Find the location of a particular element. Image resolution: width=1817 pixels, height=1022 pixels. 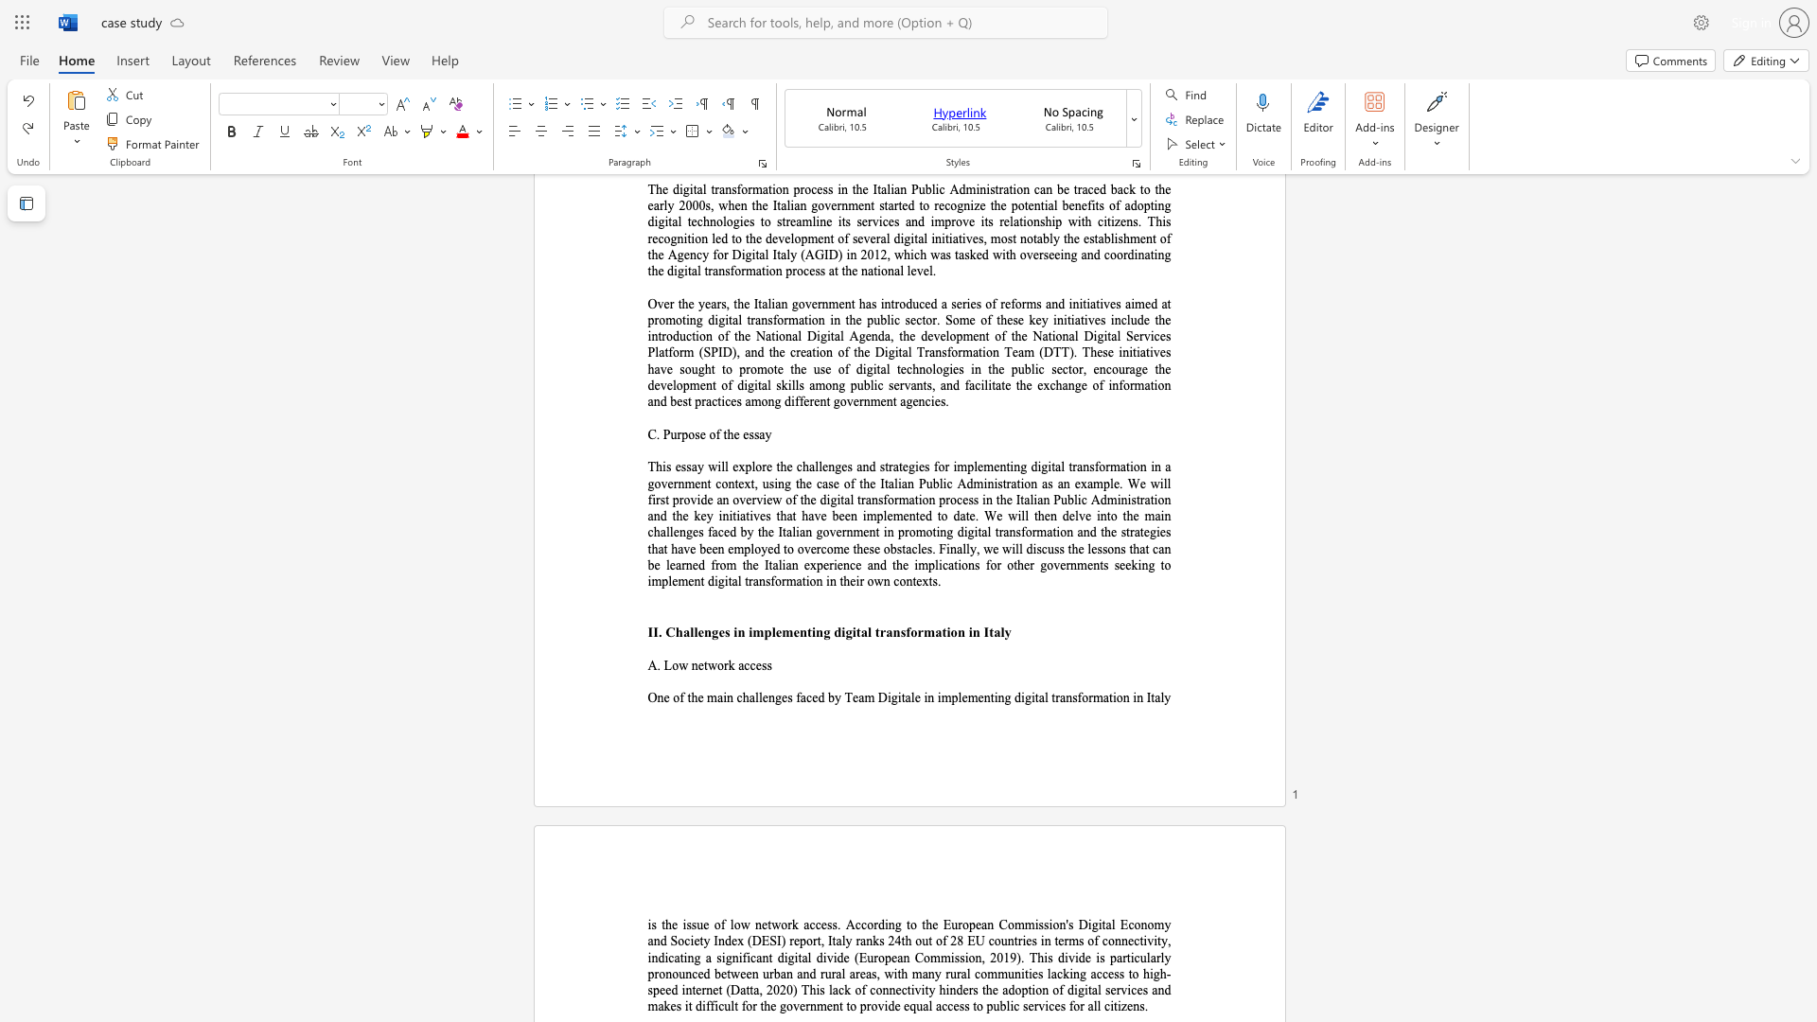

the 6th character "a" in the text is located at coordinates (926, 1005).